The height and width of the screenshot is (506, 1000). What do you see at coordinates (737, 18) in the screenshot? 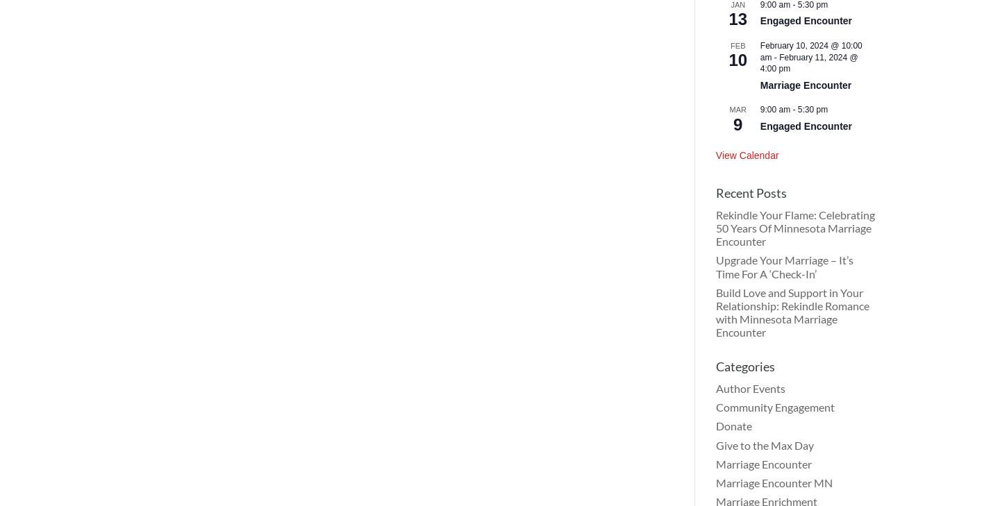
I see `'13'` at bounding box center [737, 18].